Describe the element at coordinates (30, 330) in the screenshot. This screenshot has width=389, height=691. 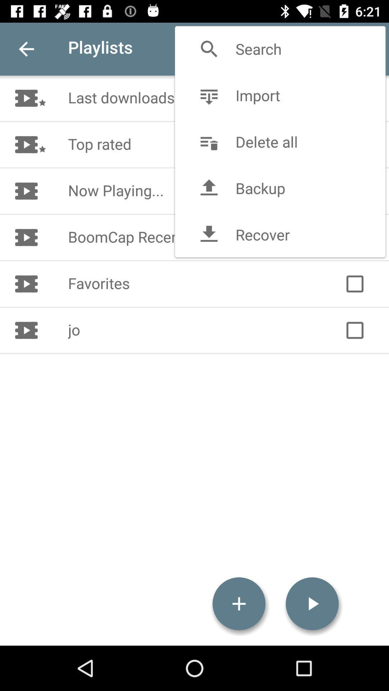
I see `the icon on left to the text jo on the web page` at that location.